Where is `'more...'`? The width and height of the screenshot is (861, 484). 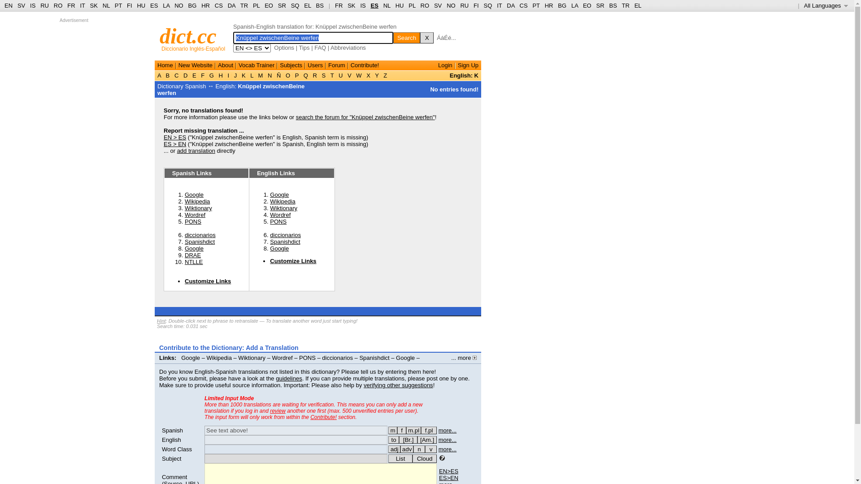 'more...' is located at coordinates (448, 449).